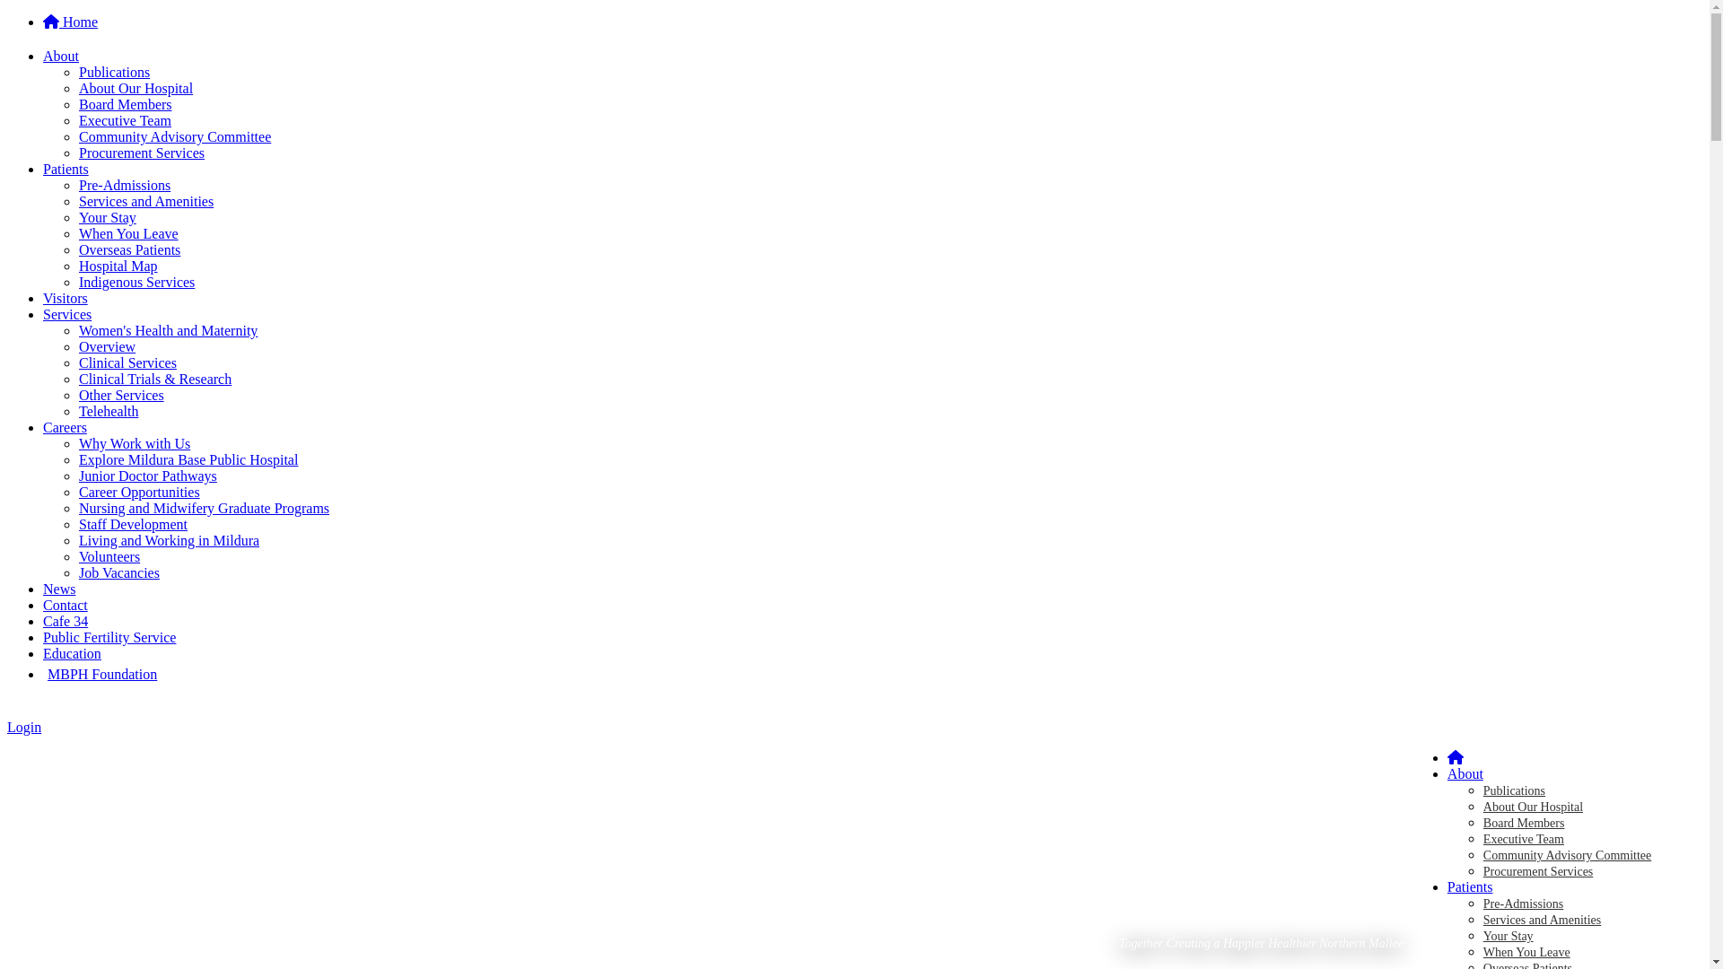 The width and height of the screenshot is (1723, 969). Describe the element at coordinates (175, 135) in the screenshot. I see `'Community Advisory Committee'` at that location.